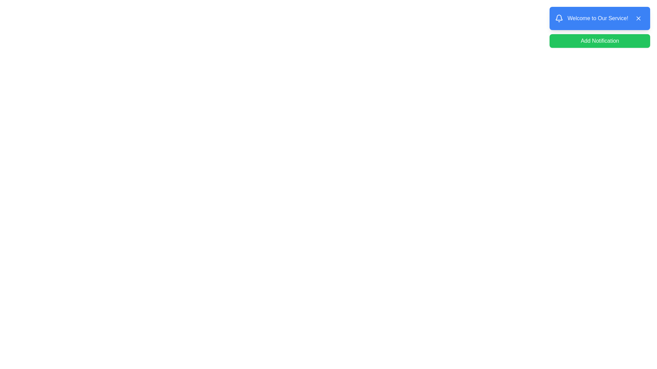 Image resolution: width=657 pixels, height=369 pixels. I want to click on the circular blue button with a white 'X' icon, so click(638, 18).